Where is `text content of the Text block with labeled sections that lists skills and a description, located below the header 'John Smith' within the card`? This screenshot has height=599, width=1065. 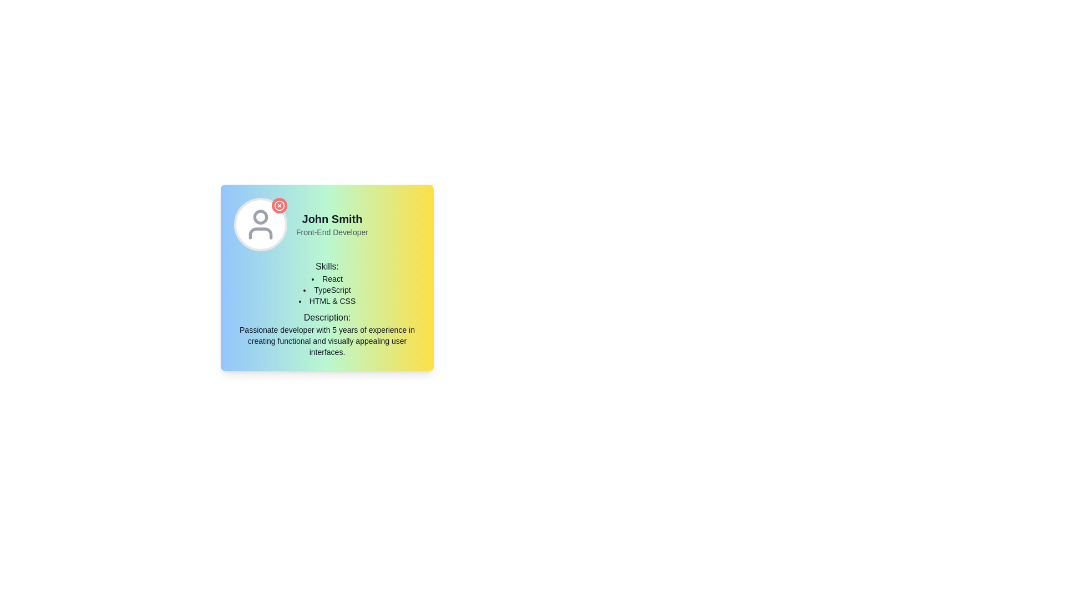
text content of the Text block with labeled sections that lists skills and a description, located below the header 'John Smith' within the card is located at coordinates (327, 308).